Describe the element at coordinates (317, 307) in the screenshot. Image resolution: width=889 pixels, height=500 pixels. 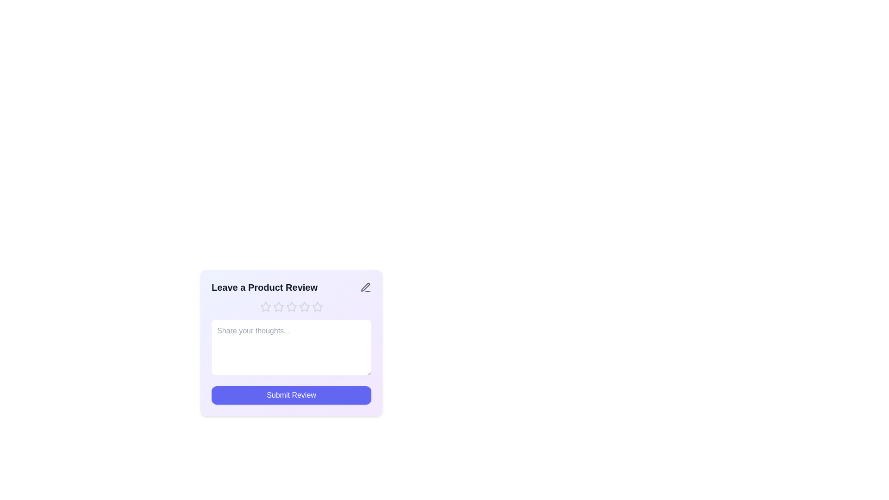
I see `the star corresponding to the rating 5 to set the rating` at that location.